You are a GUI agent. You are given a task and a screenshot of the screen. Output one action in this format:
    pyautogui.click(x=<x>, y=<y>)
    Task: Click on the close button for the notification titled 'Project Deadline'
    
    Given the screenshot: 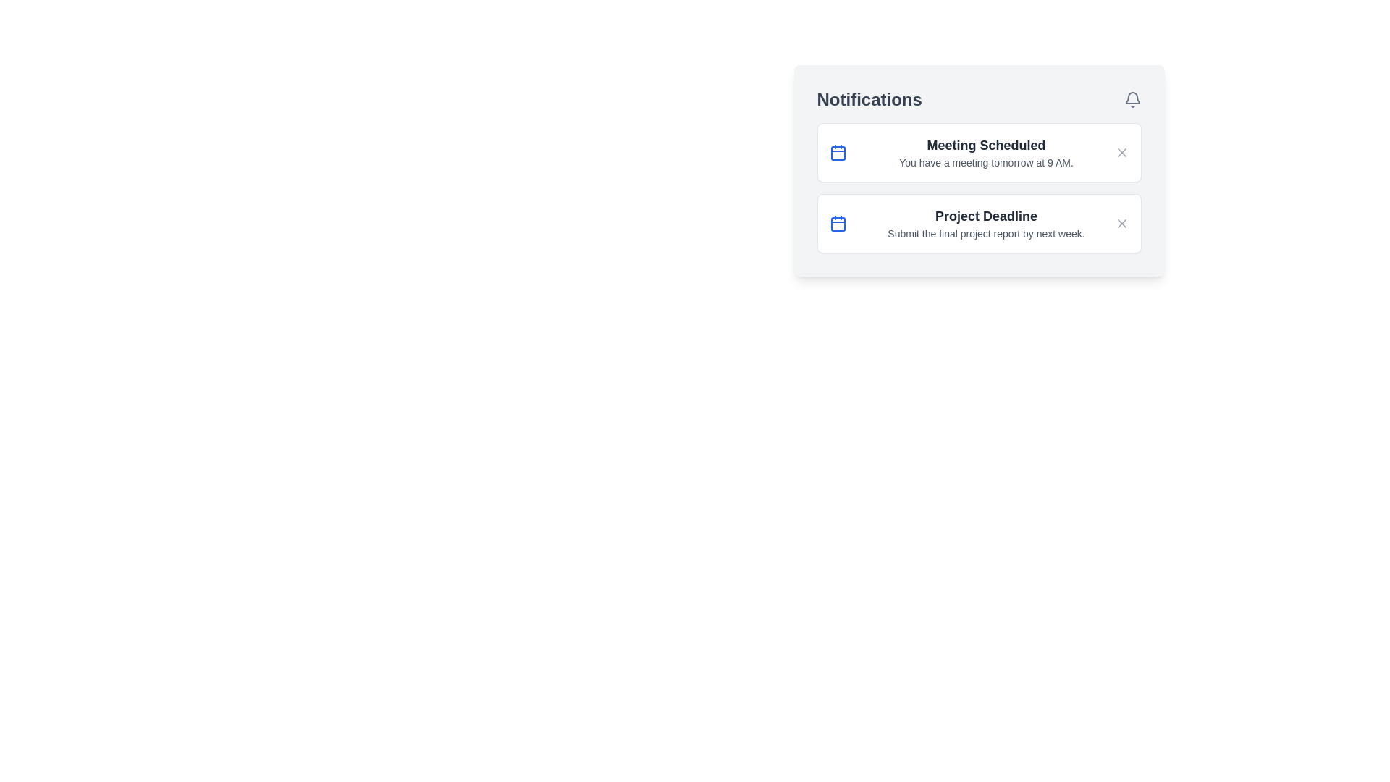 What is the action you would take?
    pyautogui.click(x=1121, y=223)
    